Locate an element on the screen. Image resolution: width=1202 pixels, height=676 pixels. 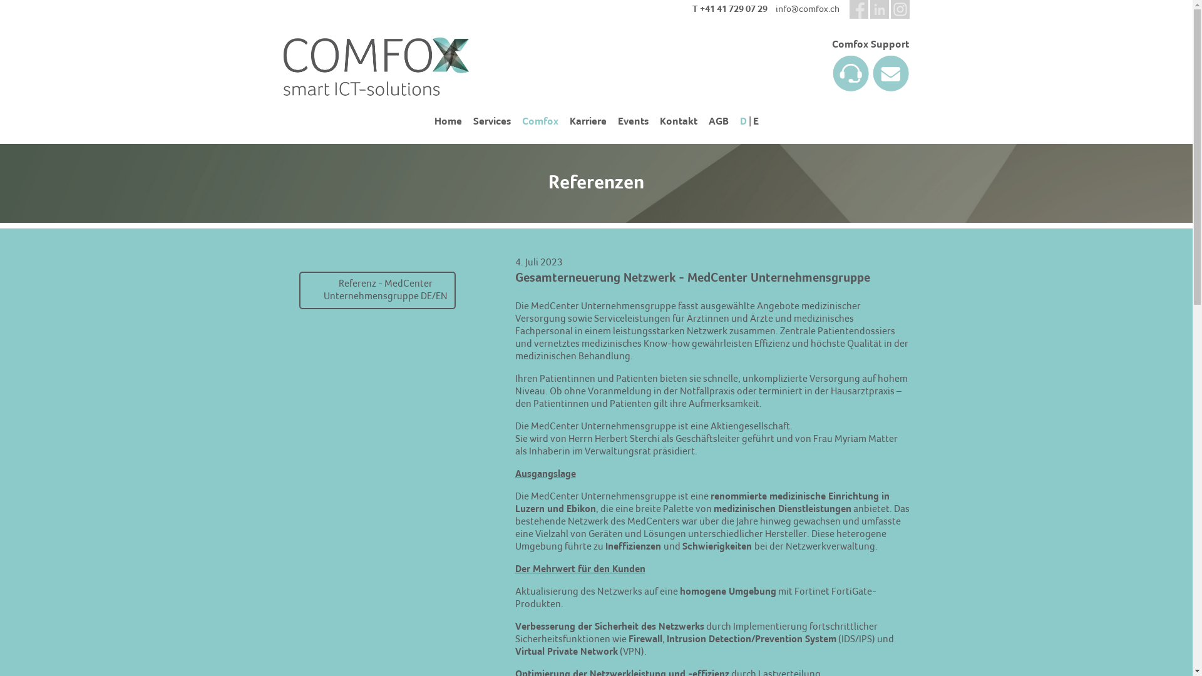
'D' is located at coordinates (739, 121).